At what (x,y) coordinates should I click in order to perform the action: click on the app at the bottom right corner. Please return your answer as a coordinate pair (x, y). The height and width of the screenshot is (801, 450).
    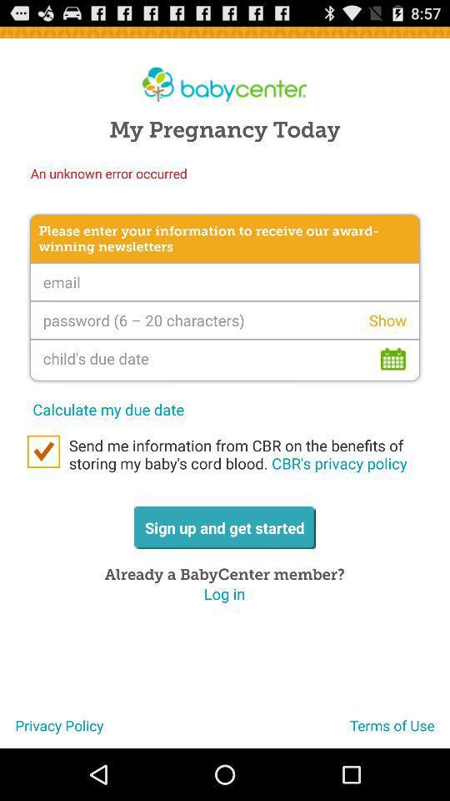
    Looking at the image, I should click on (399, 731).